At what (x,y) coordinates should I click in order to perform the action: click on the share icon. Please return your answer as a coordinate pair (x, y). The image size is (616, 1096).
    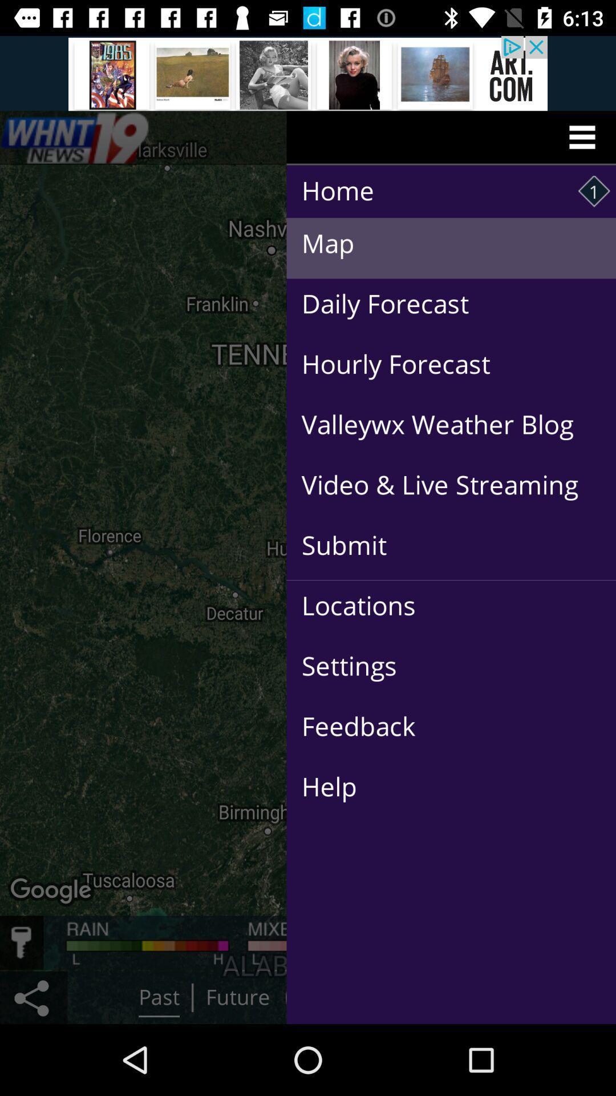
    Looking at the image, I should click on (33, 997).